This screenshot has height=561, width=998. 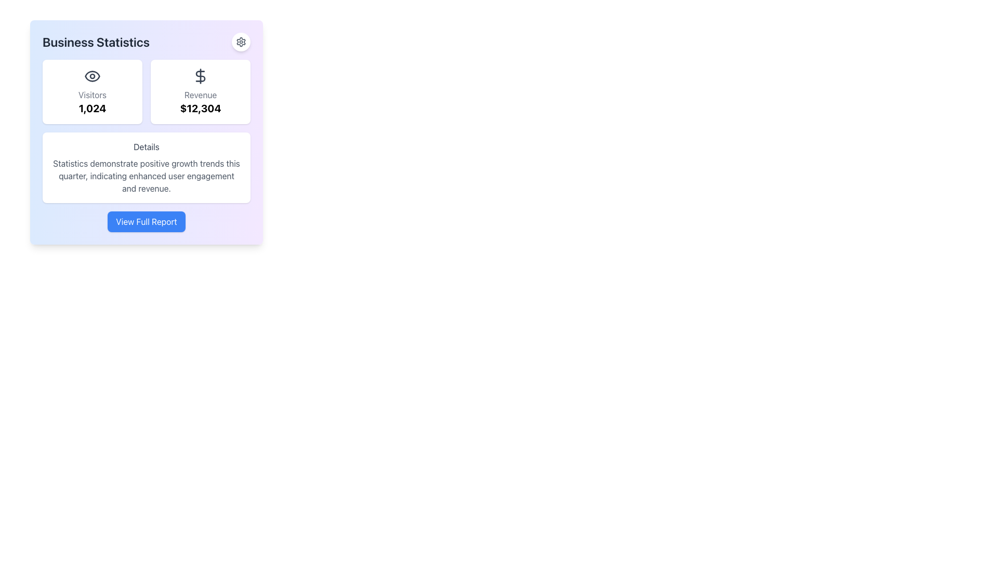 What do you see at coordinates (146, 146) in the screenshot?
I see `the static text label that summarizes the content below, which is positioned above the text describing statistics trends in the lower middle section of the card layout` at bounding box center [146, 146].